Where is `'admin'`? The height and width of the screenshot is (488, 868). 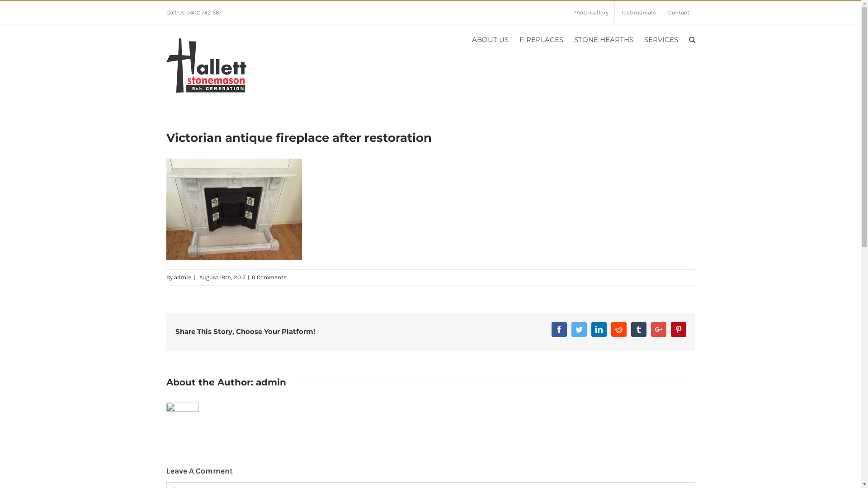 'admin' is located at coordinates (174, 277).